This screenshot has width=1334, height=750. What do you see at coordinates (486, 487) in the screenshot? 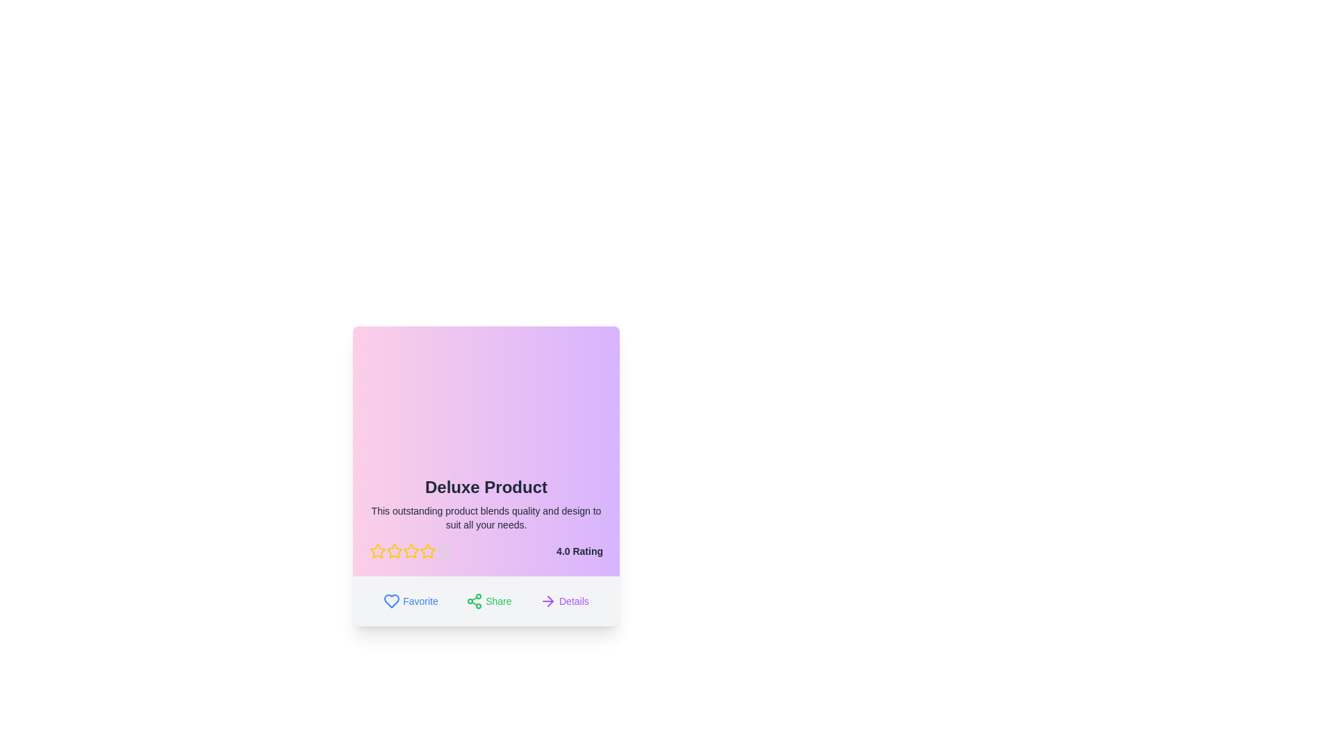
I see `bold large-sized text 'Deluxe Product' which is centrally located at the top of the card interface` at bounding box center [486, 487].